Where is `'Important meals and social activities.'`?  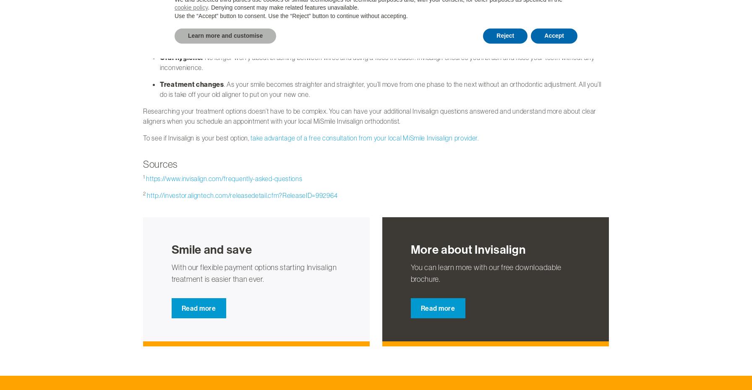
'Important meals and social activities.' is located at coordinates (159, 40).